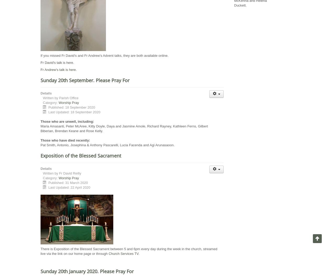  What do you see at coordinates (70, 173) in the screenshot?
I see `'Fr David Reilly'` at bounding box center [70, 173].